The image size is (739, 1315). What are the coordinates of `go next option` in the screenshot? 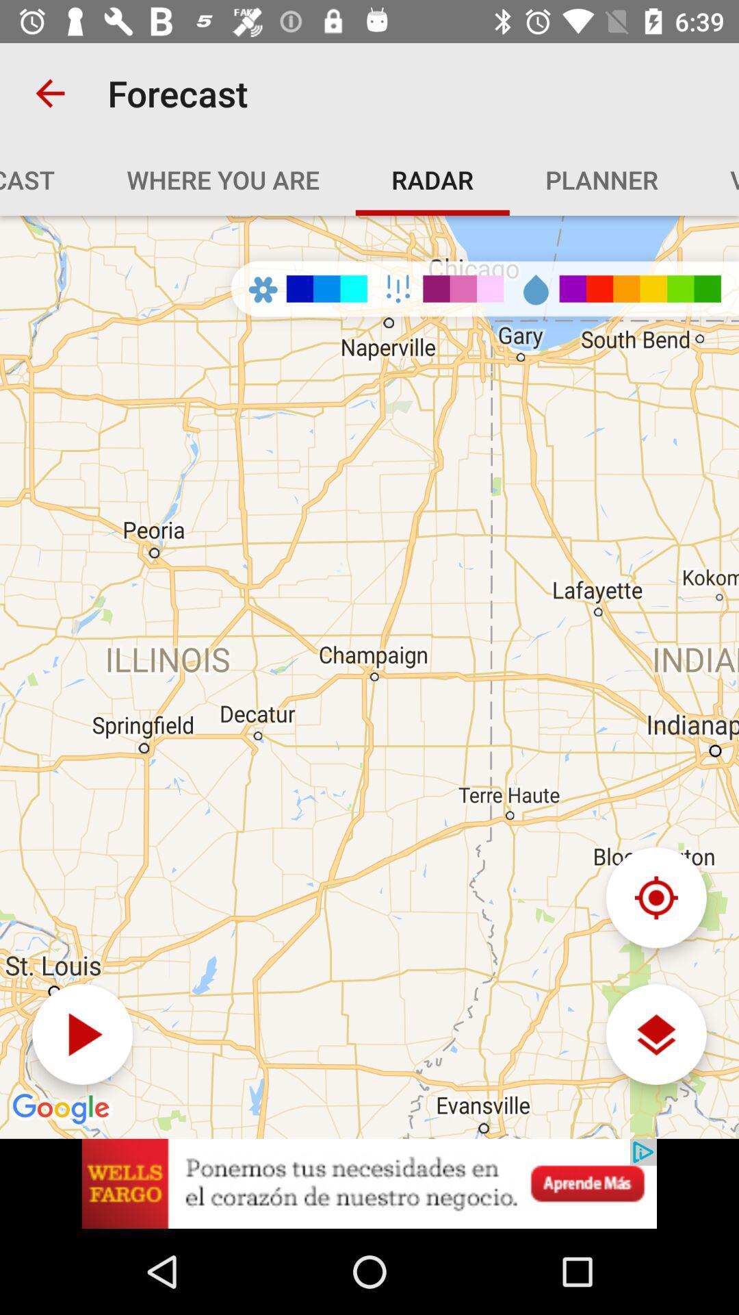 It's located at (82, 1034).